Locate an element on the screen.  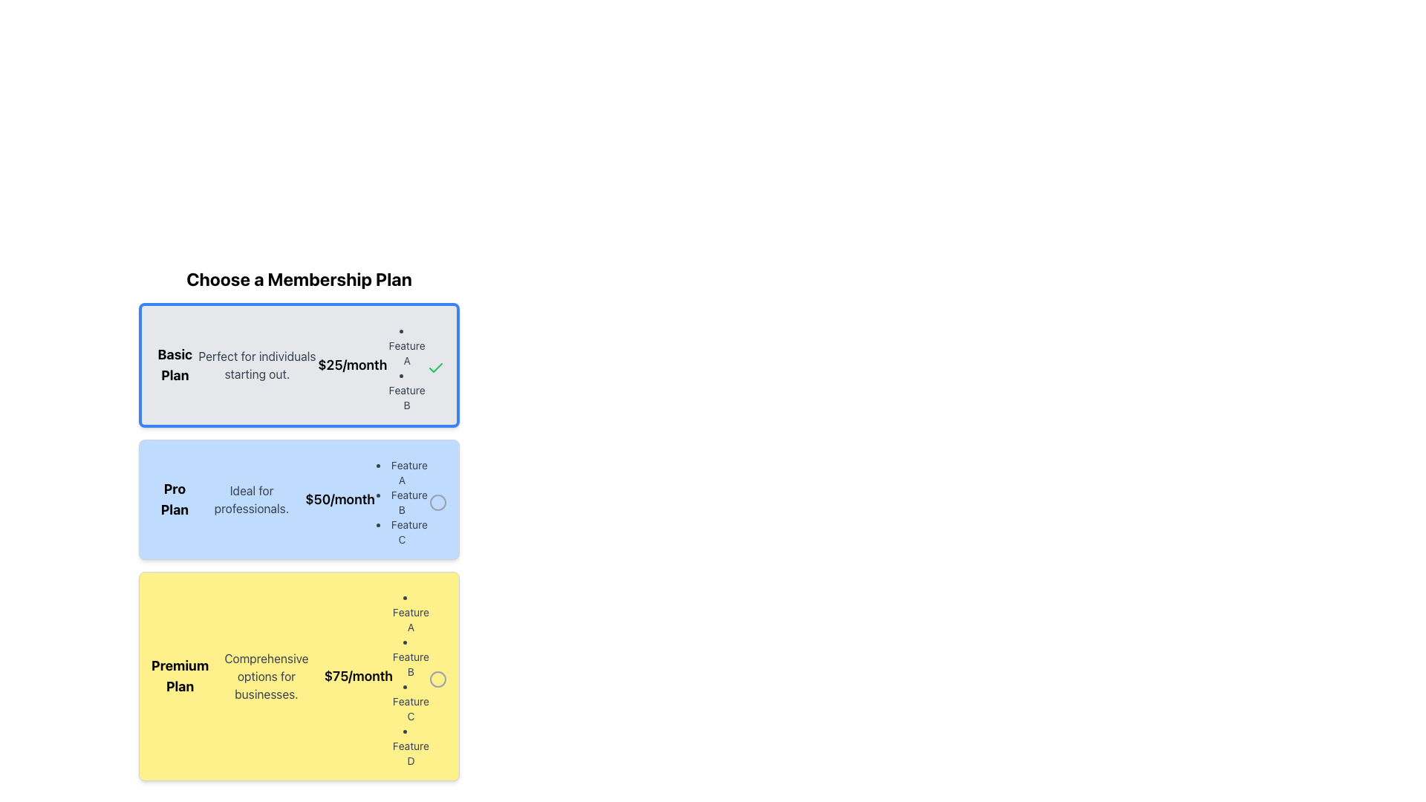
the 'Feature D' text label, which is the fourth item in the vertically arranged list of features in the 'Premium Plan' section is located at coordinates (411, 746).